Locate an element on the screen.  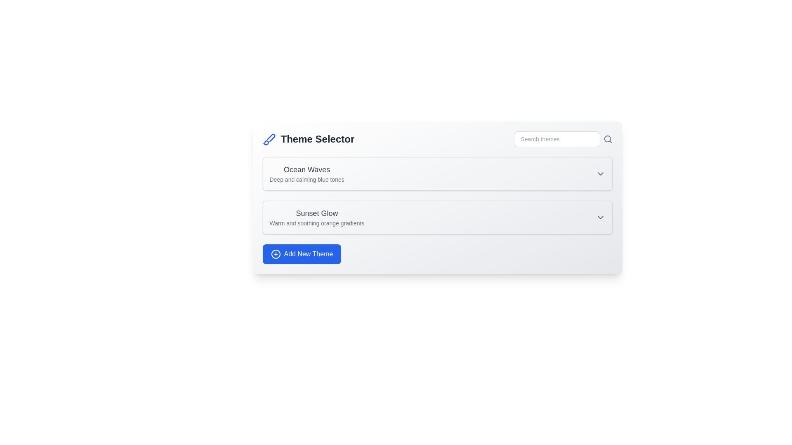
the selectable list item titled 'Ocean Waves' with a dropdown functionality is located at coordinates (437, 173).